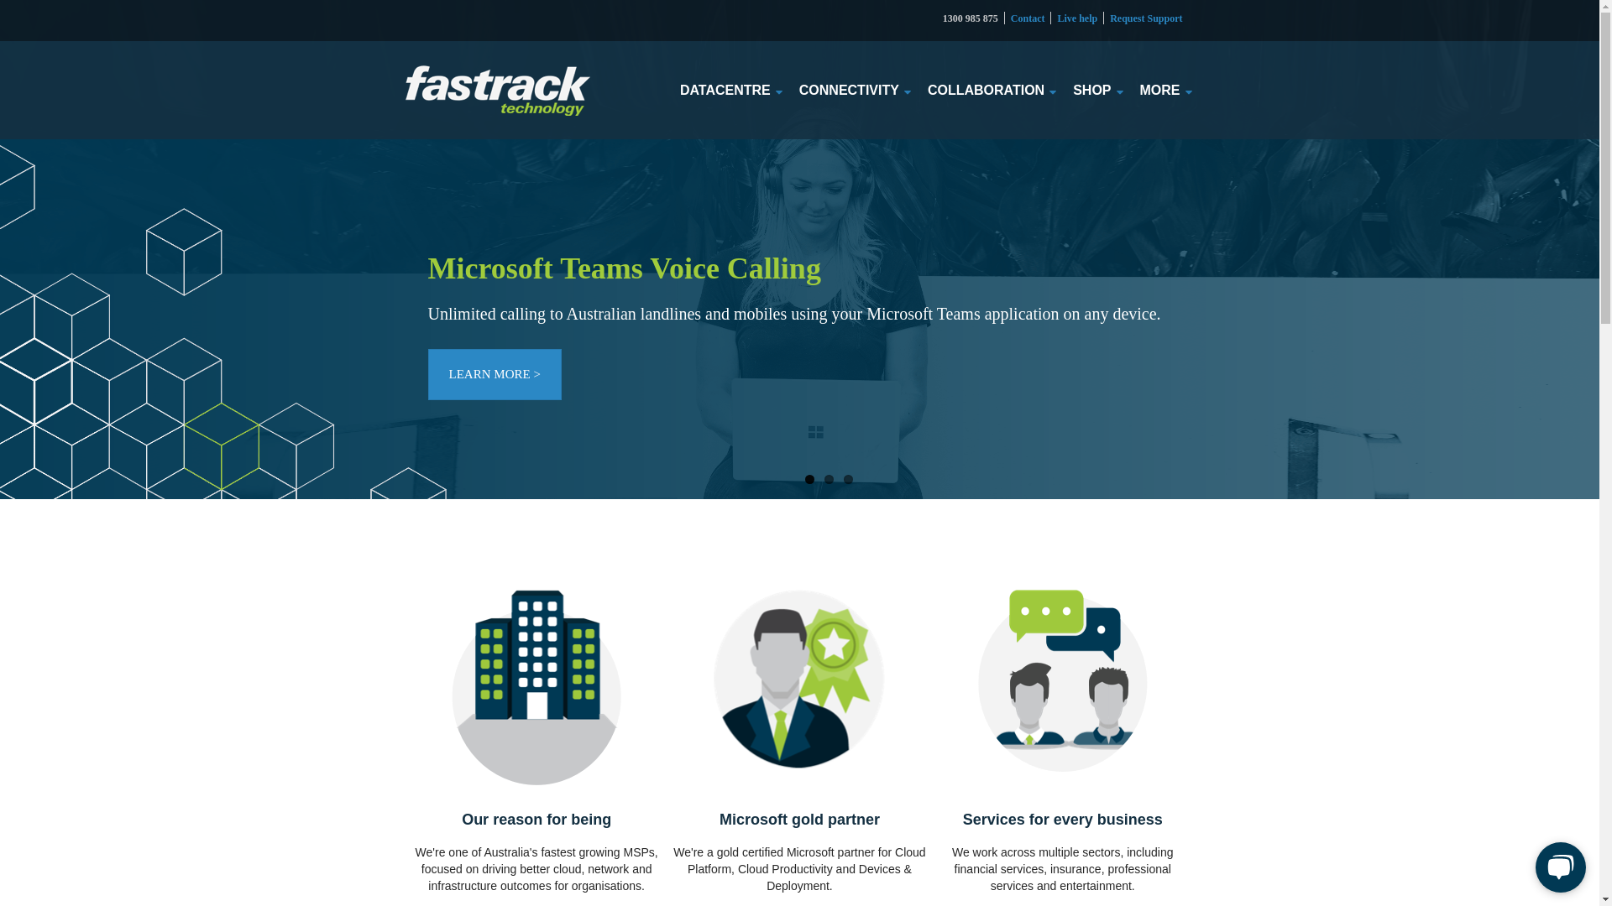 The width and height of the screenshot is (1612, 906). Describe the element at coordinates (1027, 18) in the screenshot. I see `'Contact'` at that location.